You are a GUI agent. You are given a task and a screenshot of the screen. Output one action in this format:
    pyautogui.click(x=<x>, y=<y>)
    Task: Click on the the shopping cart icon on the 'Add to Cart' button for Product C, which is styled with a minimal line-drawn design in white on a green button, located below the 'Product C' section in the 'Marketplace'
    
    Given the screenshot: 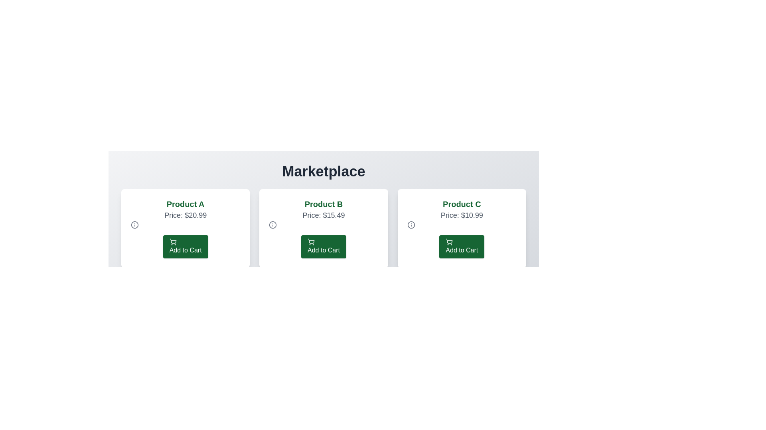 What is the action you would take?
    pyautogui.click(x=449, y=242)
    